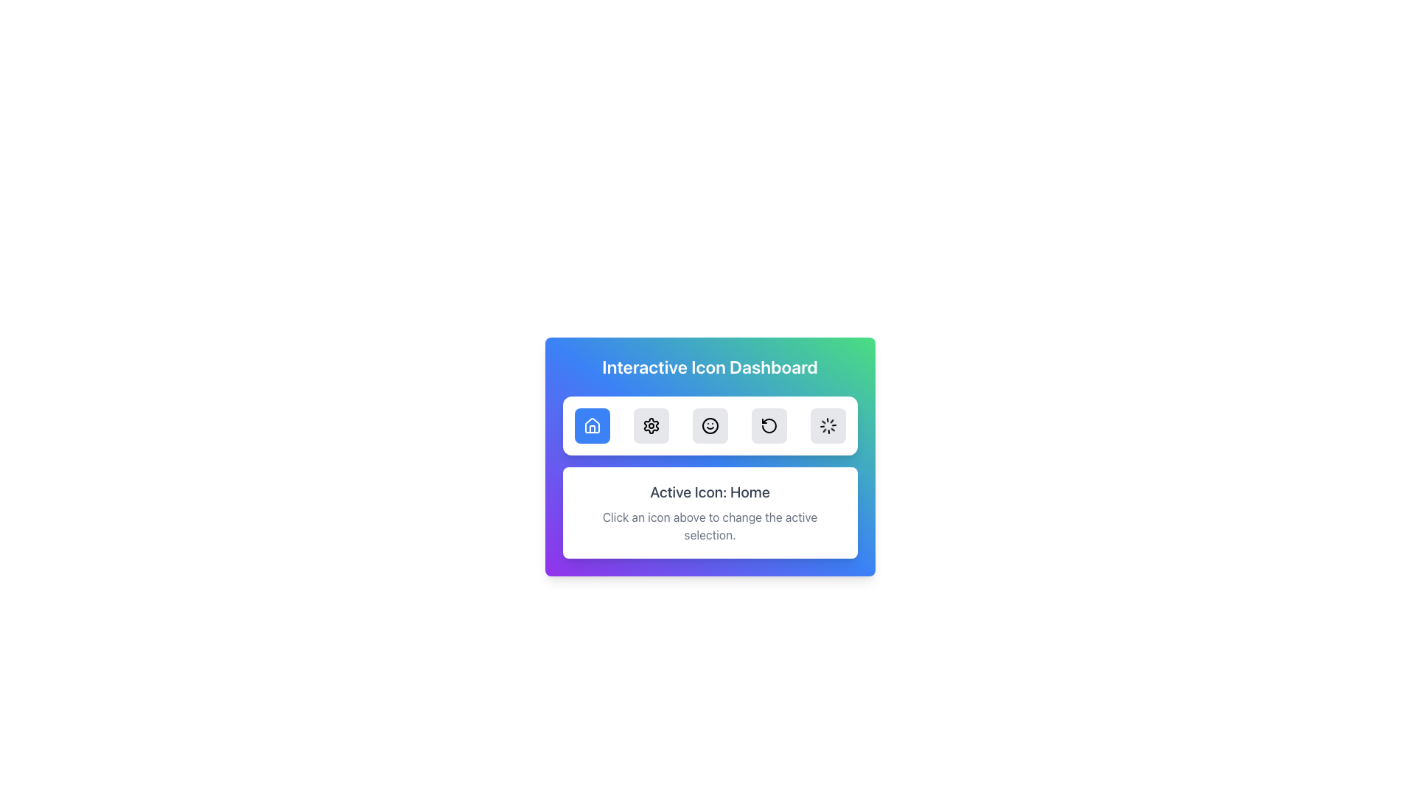 The height and width of the screenshot is (796, 1415). What do you see at coordinates (768, 426) in the screenshot?
I see `the reset button, which is the fourth button in a row of five within the 'Interactive Icon Dashboard'` at bounding box center [768, 426].